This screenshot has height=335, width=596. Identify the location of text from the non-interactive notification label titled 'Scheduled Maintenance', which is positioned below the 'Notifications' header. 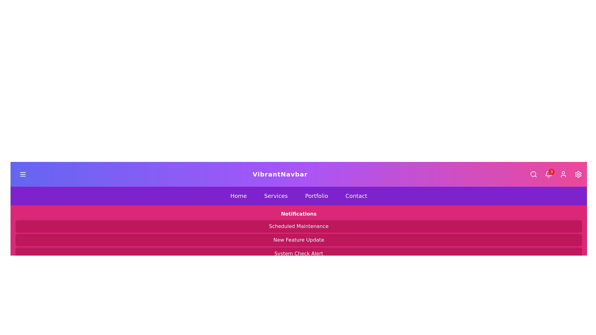
(299, 226).